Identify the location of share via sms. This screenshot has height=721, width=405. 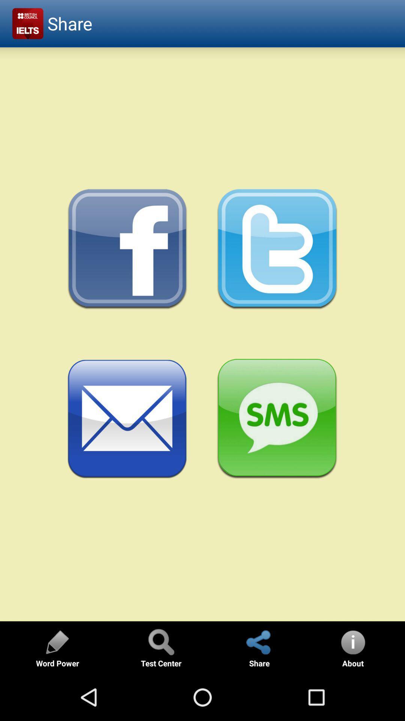
(277, 419).